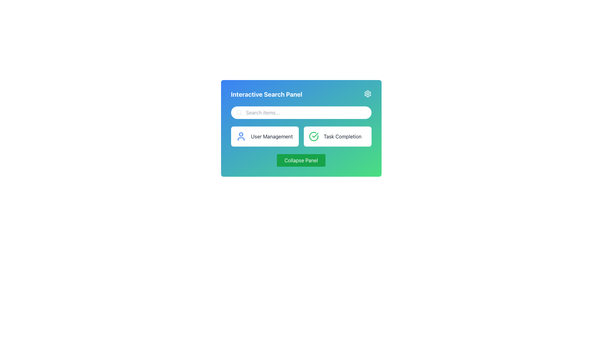 The image size is (602, 339). I want to click on the button containing the 'Task Completion' icon located in the second button from the left below the search bar in the central interactive panel, so click(313, 136).